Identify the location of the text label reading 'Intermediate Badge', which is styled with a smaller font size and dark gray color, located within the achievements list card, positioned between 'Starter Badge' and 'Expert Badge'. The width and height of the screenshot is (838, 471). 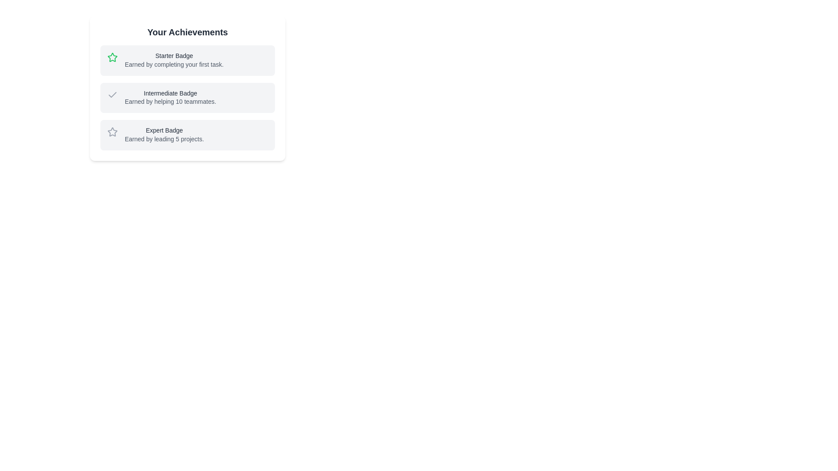
(170, 93).